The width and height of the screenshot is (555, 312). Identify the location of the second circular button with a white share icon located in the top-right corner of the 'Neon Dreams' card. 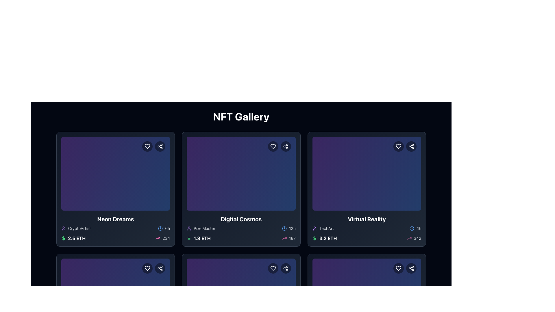
(154, 146).